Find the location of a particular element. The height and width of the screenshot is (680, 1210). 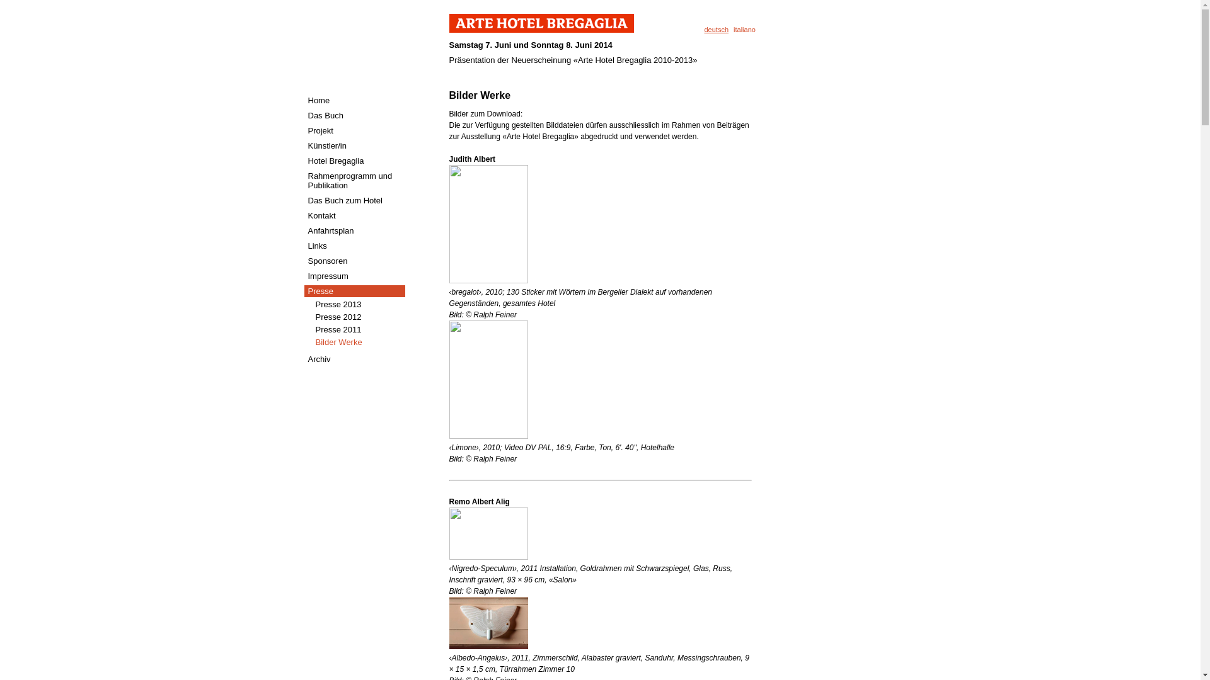

'Anfahrtsplan' is located at coordinates (353, 230).